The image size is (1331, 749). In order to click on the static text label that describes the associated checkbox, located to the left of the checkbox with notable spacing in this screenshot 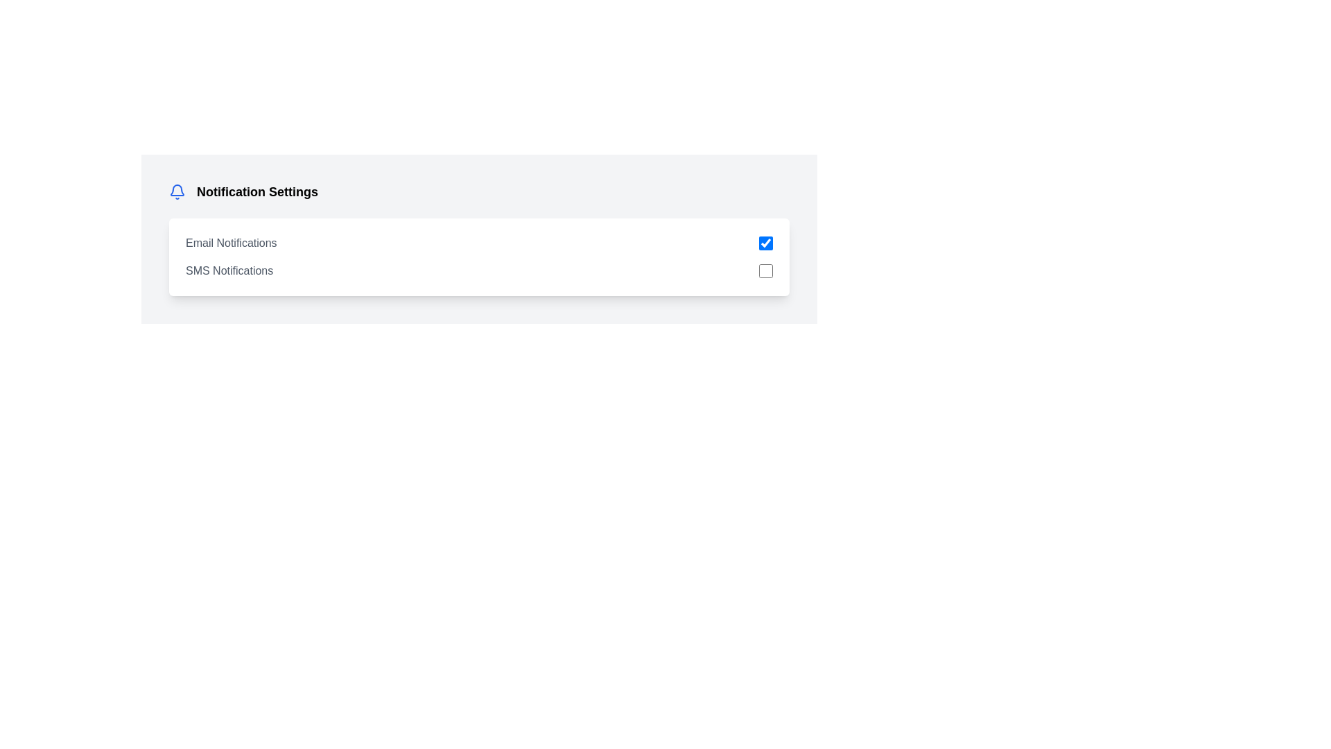, I will do `click(231, 243)`.